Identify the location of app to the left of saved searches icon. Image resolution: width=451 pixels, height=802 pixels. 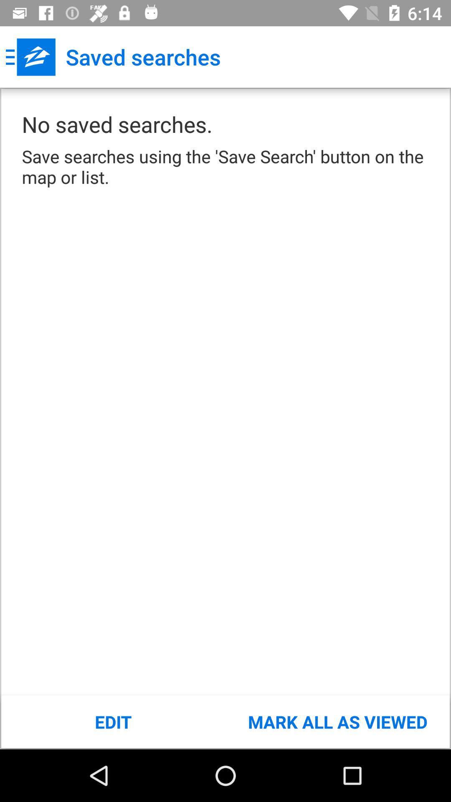
(30, 56).